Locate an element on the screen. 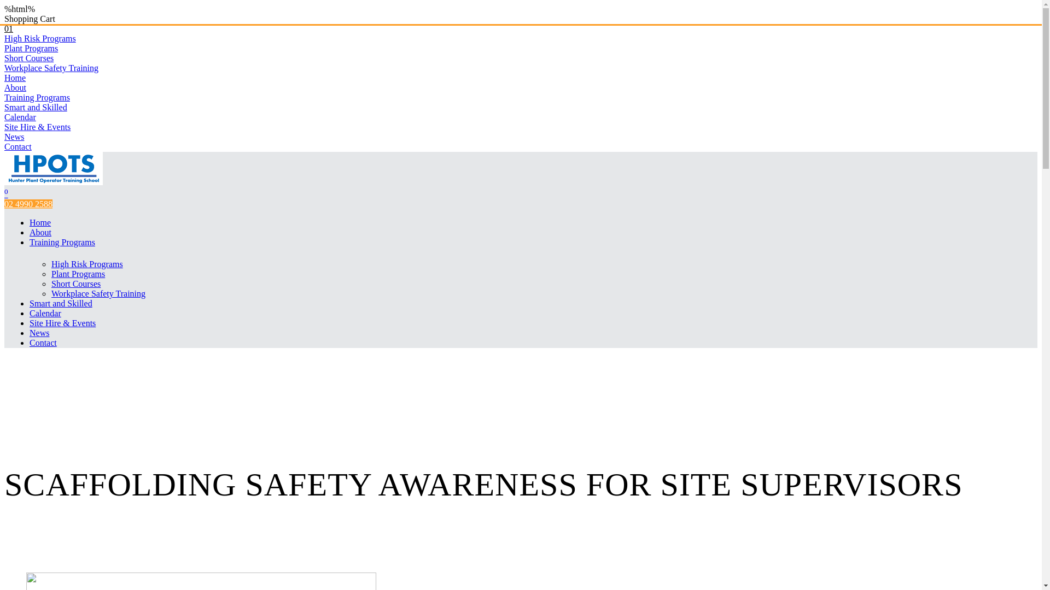 This screenshot has width=1050, height=590. 'Workplace Safety Training' is located at coordinates (51, 68).